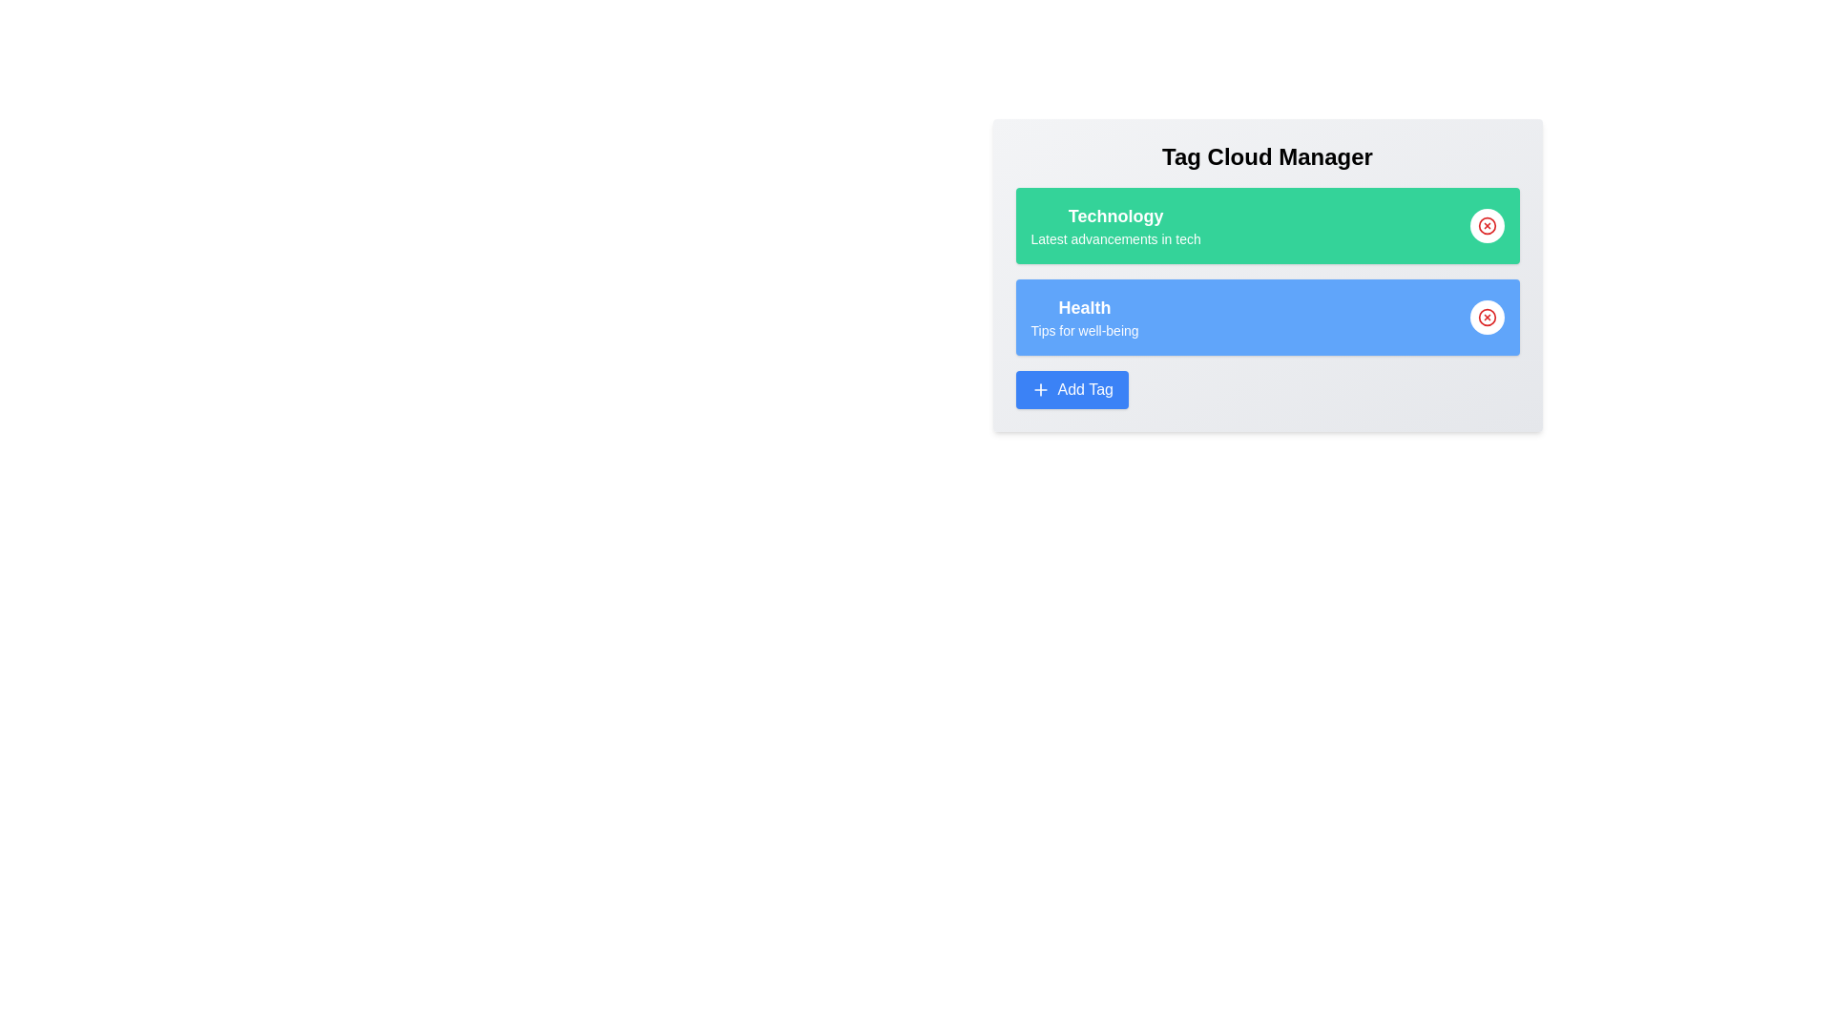 This screenshot has height=1030, width=1832. Describe the element at coordinates (1072, 388) in the screenshot. I see `the 'Add Tag' button to add a new tag` at that location.